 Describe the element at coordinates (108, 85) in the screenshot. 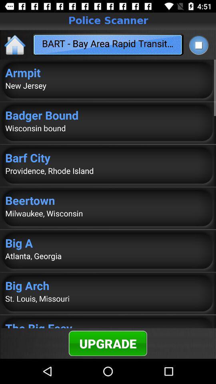

I see `app below the armpit app` at that location.